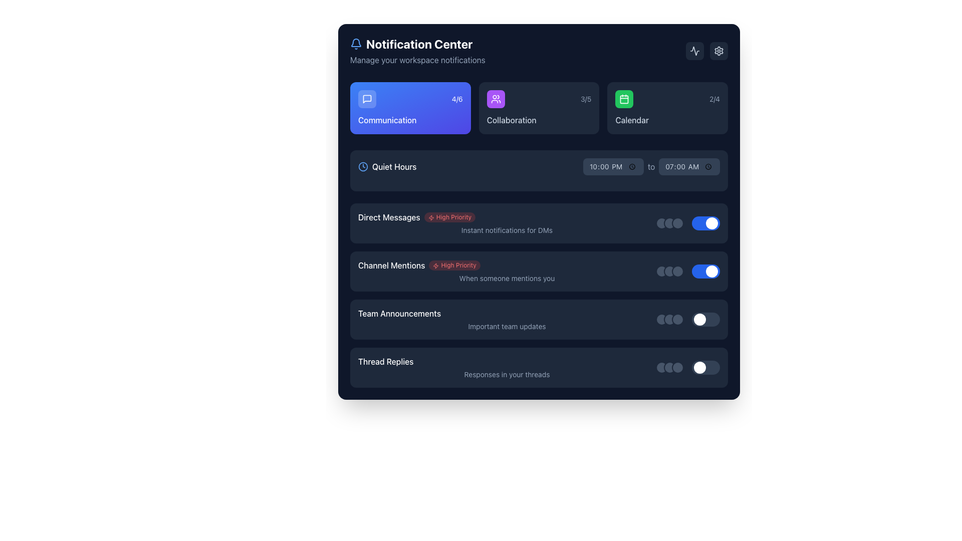 The height and width of the screenshot is (541, 962). Describe the element at coordinates (661, 367) in the screenshot. I see `the first circular indicator in the horizontal group of three circles, which is located at the far left and adjacent to a toggle switch` at that location.